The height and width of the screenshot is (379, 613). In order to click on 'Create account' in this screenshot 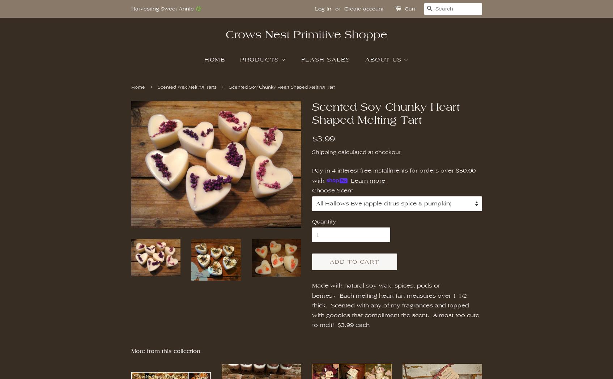, I will do `click(344, 8)`.